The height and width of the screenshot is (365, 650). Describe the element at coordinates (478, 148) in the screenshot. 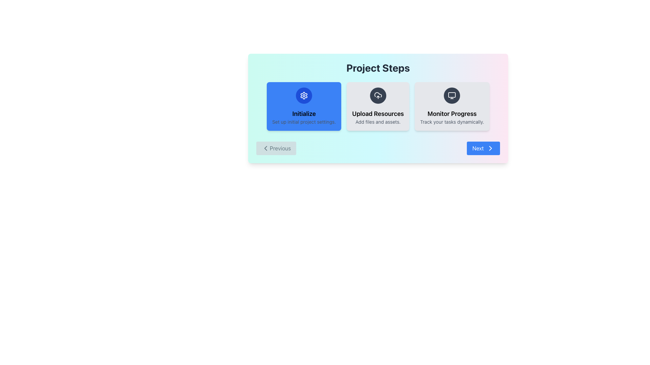

I see `the 'Next' button, which is identified by the navigational text label located in the bottom-right corner of the main card interface` at that location.